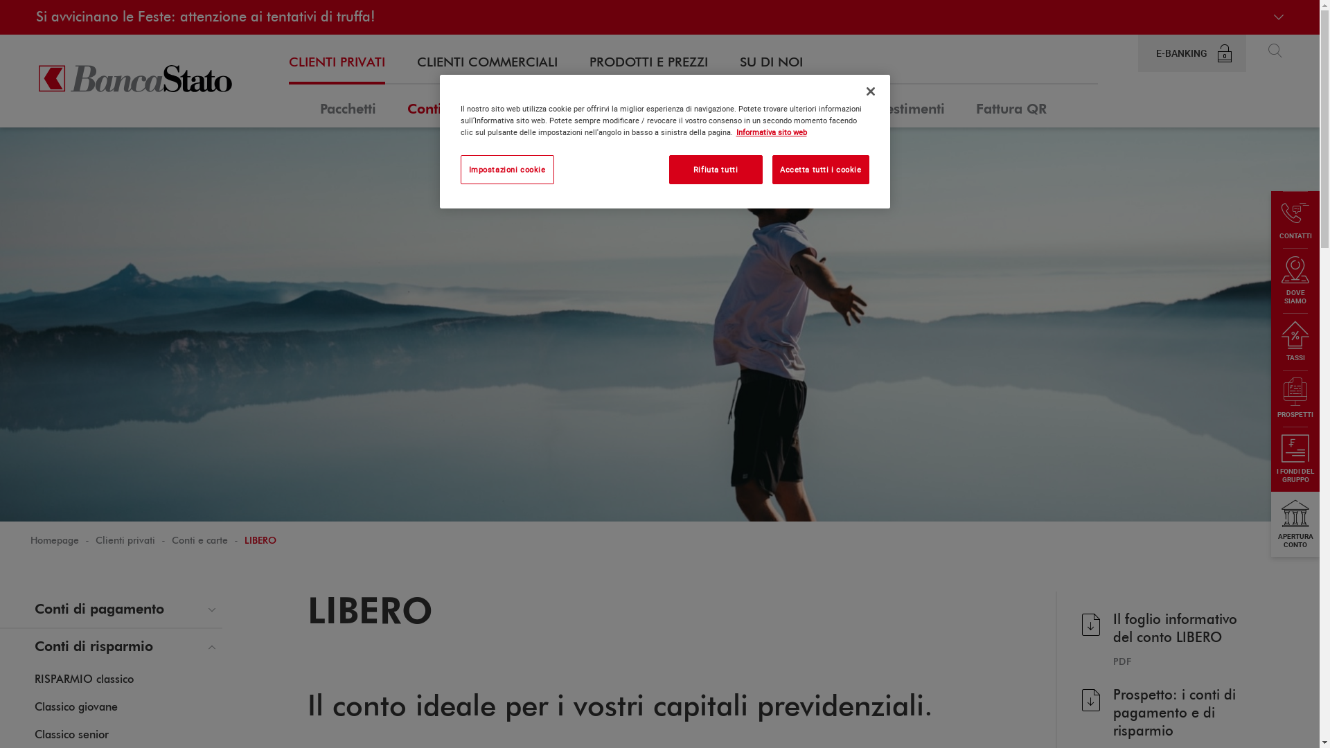 This screenshot has height=748, width=1330. What do you see at coordinates (905, 105) in the screenshot?
I see `'Investimenti'` at bounding box center [905, 105].